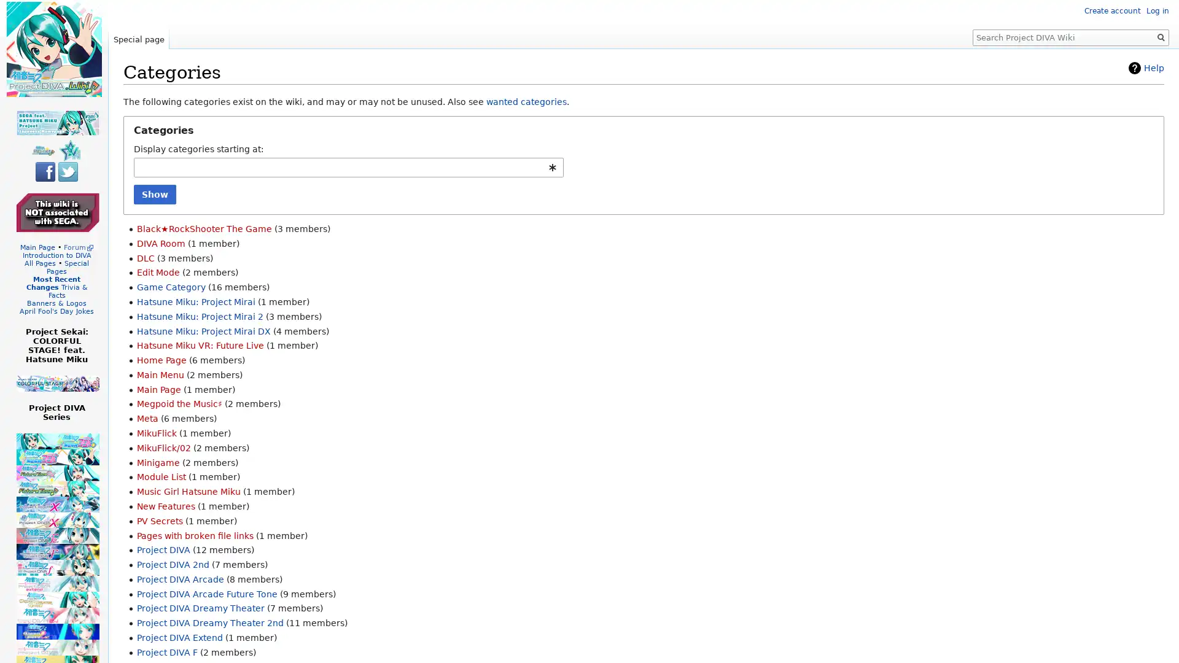 The height and width of the screenshot is (663, 1179). I want to click on Go, so click(1161, 37).